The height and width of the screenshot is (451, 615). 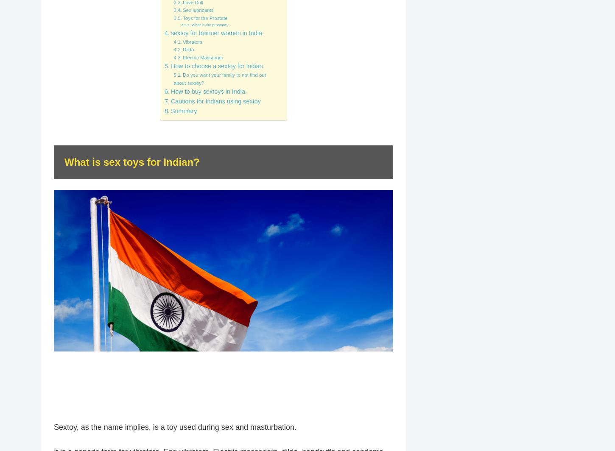 What do you see at coordinates (210, 25) in the screenshot?
I see `'What is the prostate?'` at bounding box center [210, 25].